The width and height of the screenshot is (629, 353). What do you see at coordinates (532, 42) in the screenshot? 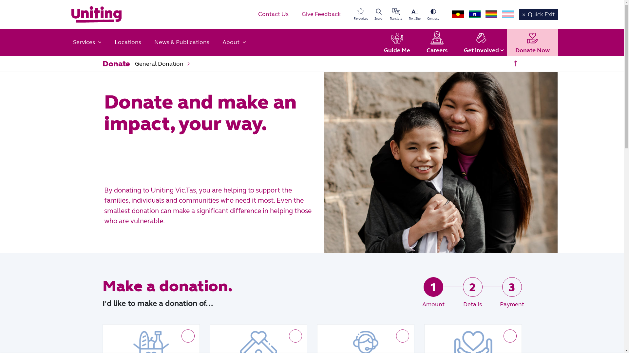
I see `'Donate Now'` at bounding box center [532, 42].